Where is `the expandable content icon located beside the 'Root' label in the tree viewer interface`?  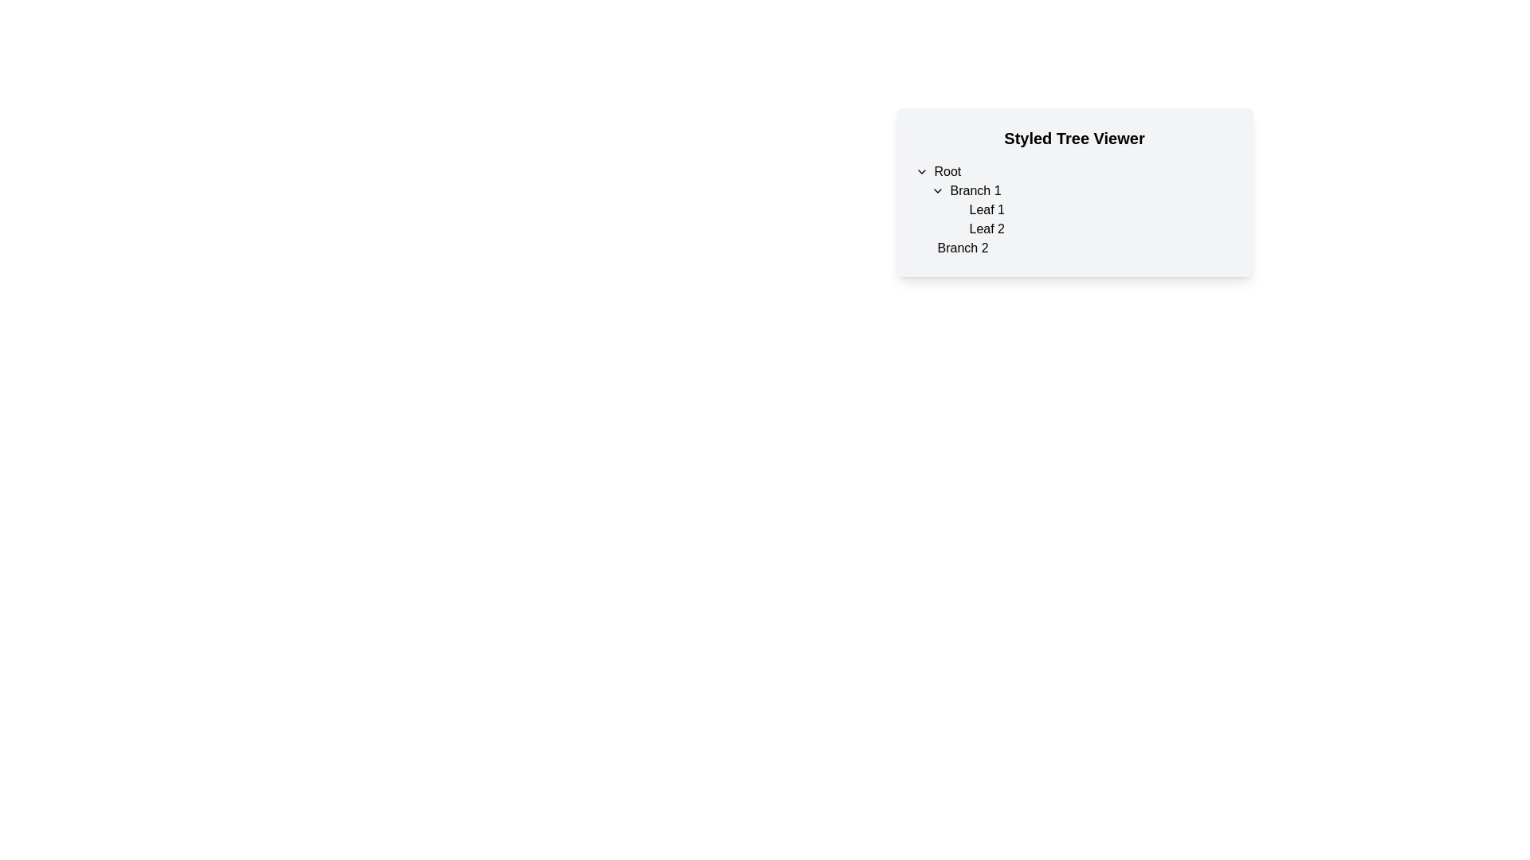
the expandable content icon located beside the 'Root' label in the tree viewer interface is located at coordinates (921, 172).